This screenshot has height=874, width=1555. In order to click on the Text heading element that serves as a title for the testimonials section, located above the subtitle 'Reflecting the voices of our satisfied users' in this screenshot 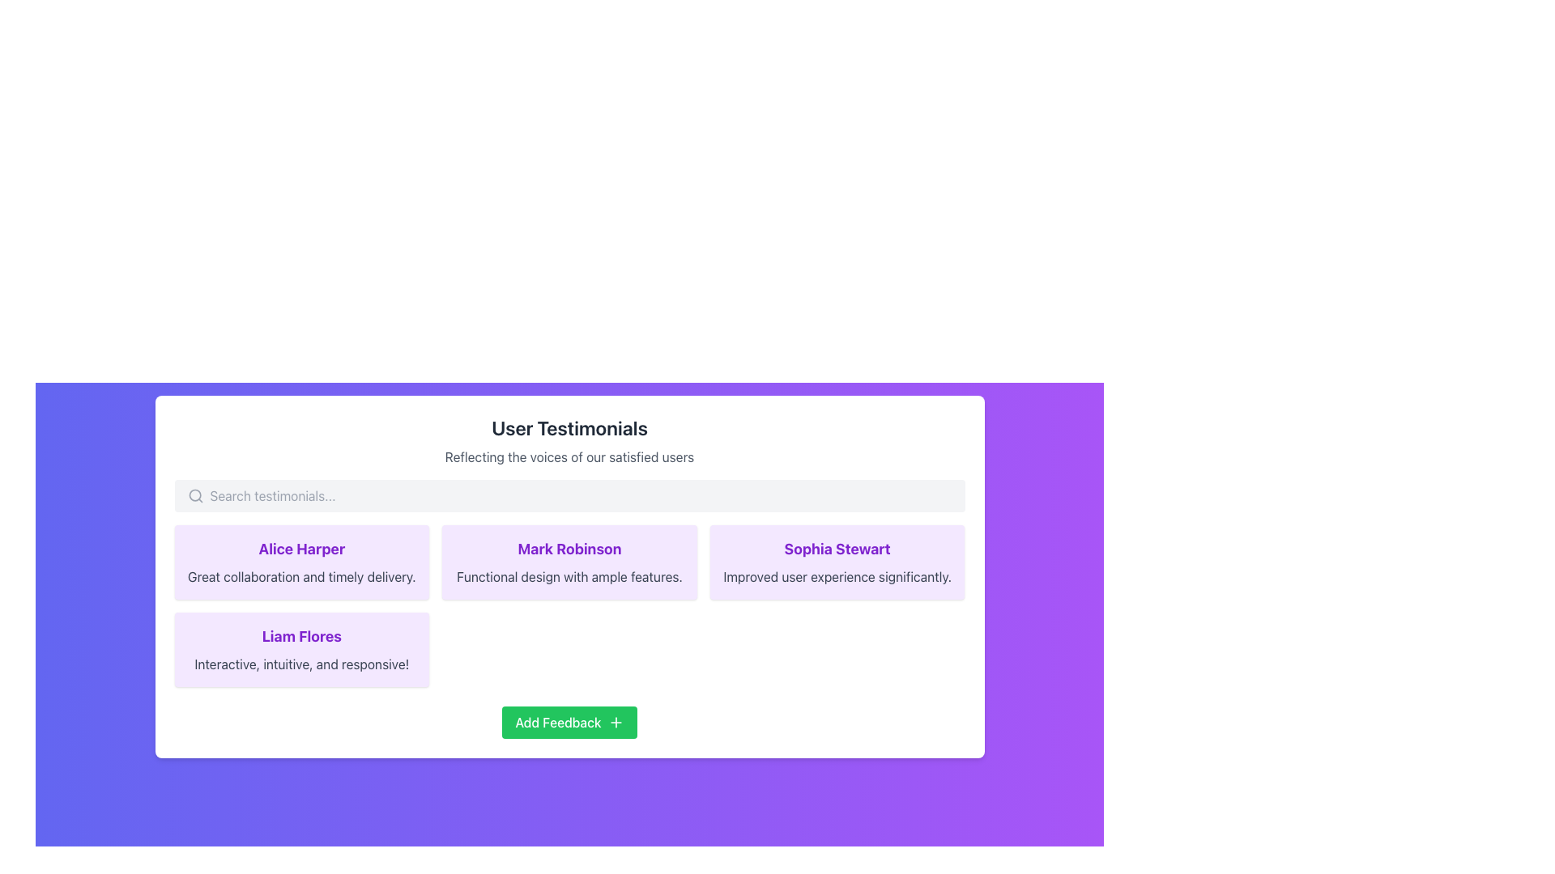, I will do `click(569, 426)`.